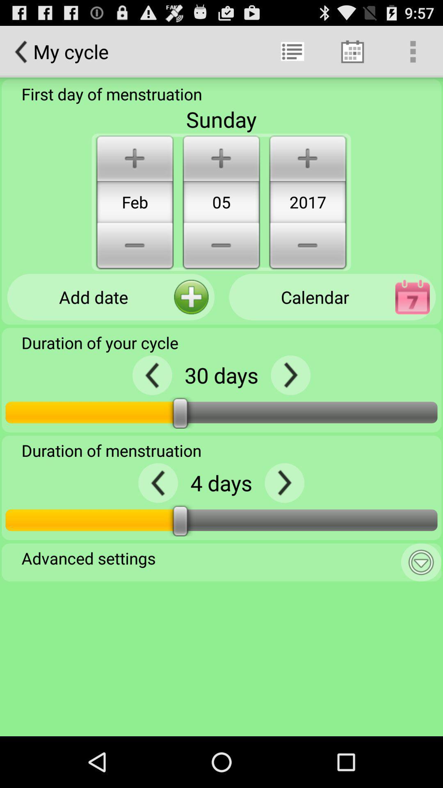 The height and width of the screenshot is (788, 443). Describe the element at coordinates (152, 375) in the screenshot. I see `backward arrow icon left to 30 days` at that location.